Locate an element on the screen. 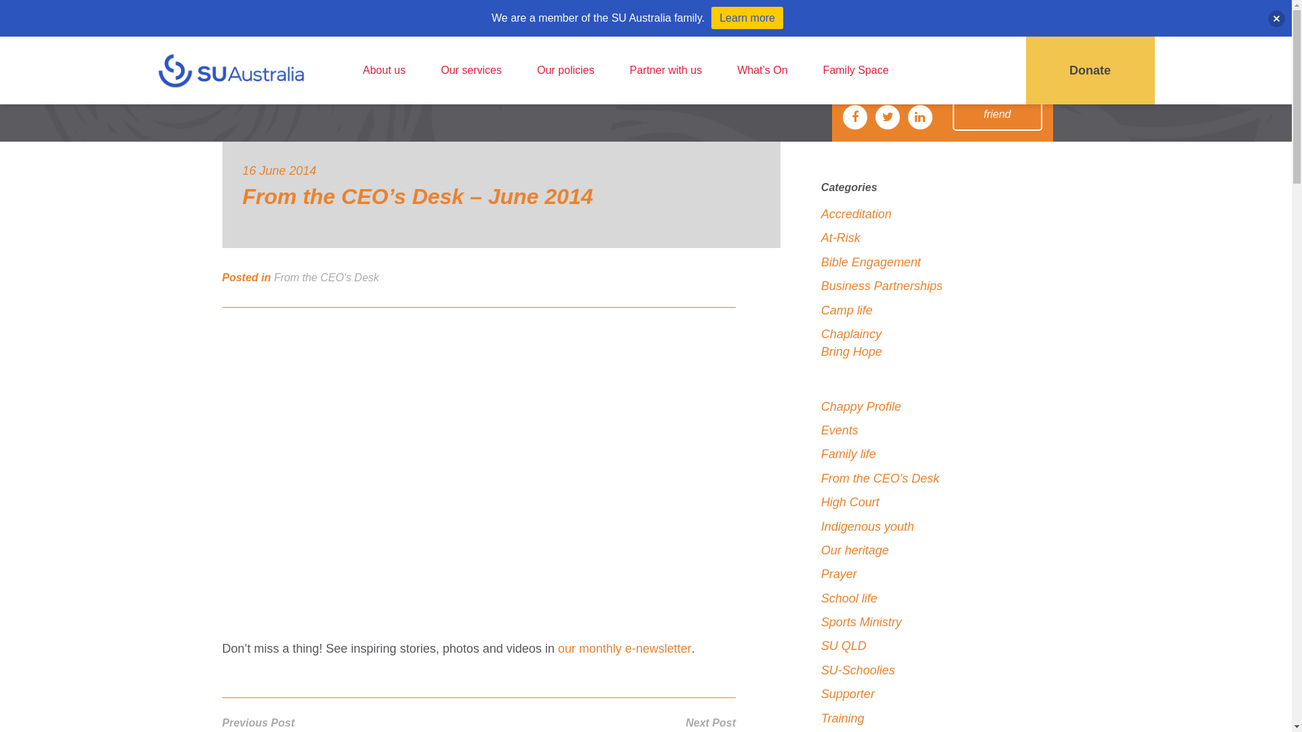  'Our heritage' is located at coordinates (854, 550).